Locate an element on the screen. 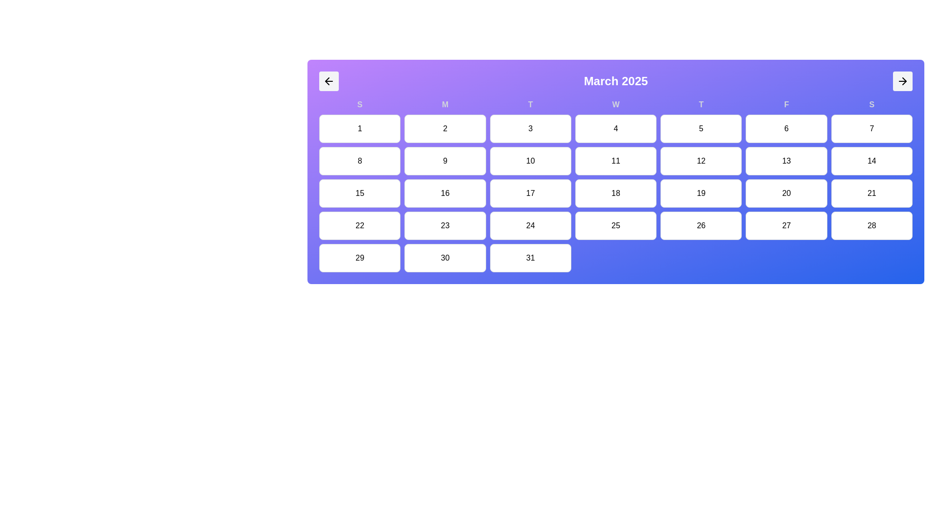 Image resolution: width=940 pixels, height=529 pixels. the calendar day cell representing the date '30' is located at coordinates (445, 258).